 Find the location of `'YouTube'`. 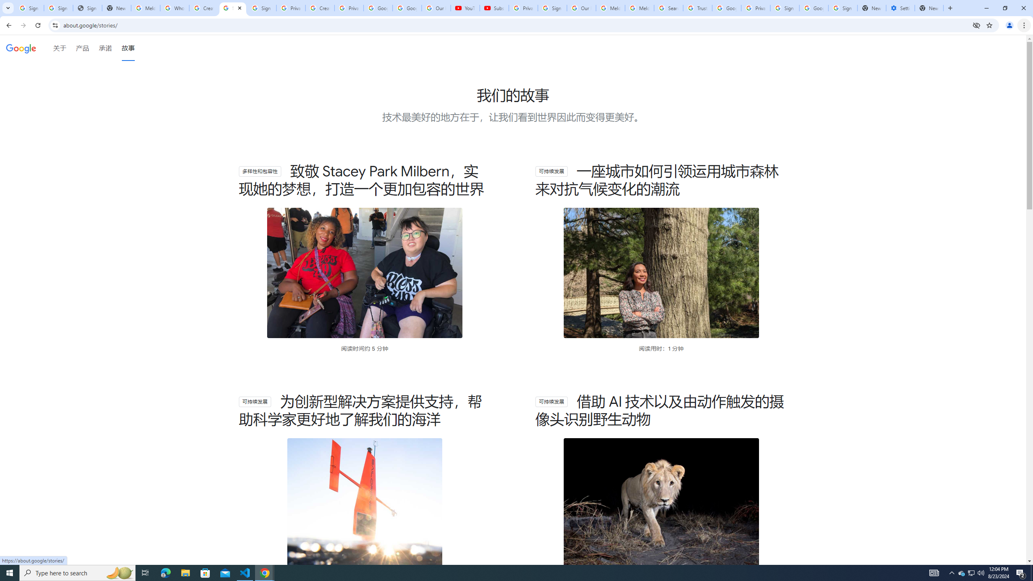

'YouTube' is located at coordinates (465, 8).